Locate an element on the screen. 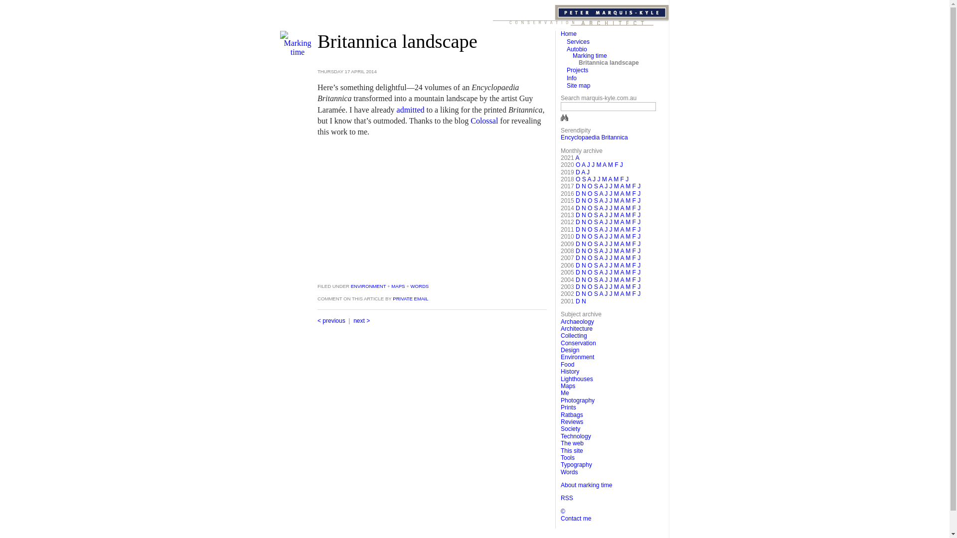 The width and height of the screenshot is (957, 538). 'Site map' is located at coordinates (578, 85).